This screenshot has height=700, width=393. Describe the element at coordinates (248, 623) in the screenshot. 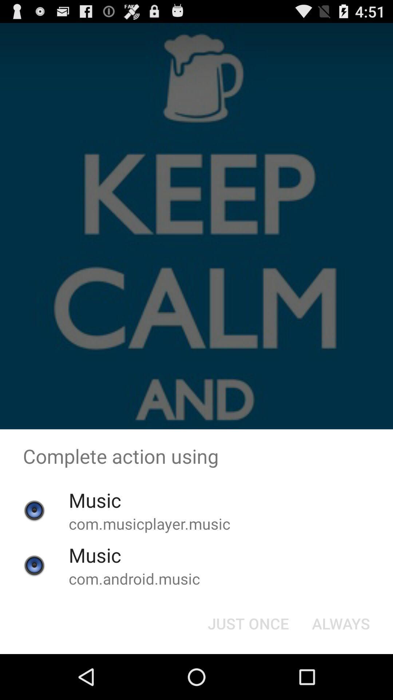

I see `the app below com.android.music item` at that location.